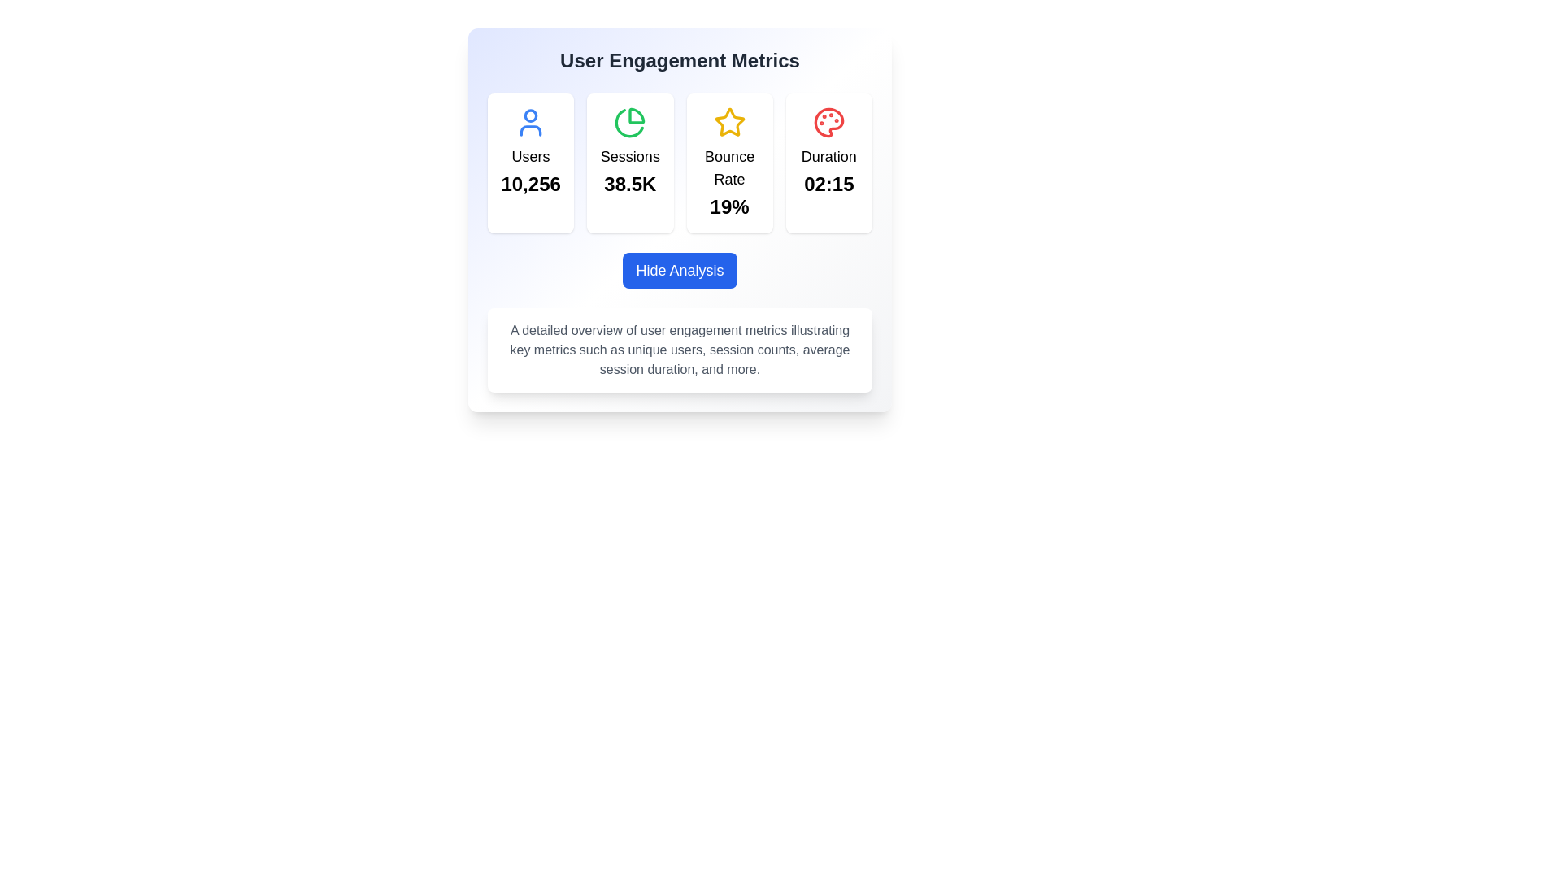  Describe the element at coordinates (728, 121) in the screenshot. I see `the star icon outlined in bold yellow color in the 'Bounce Rate' section of the analytics panel, located above the percentage value '19%` at that location.